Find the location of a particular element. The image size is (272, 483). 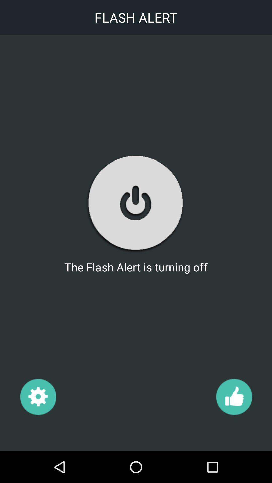

the thumbs_up icon is located at coordinates (234, 396).